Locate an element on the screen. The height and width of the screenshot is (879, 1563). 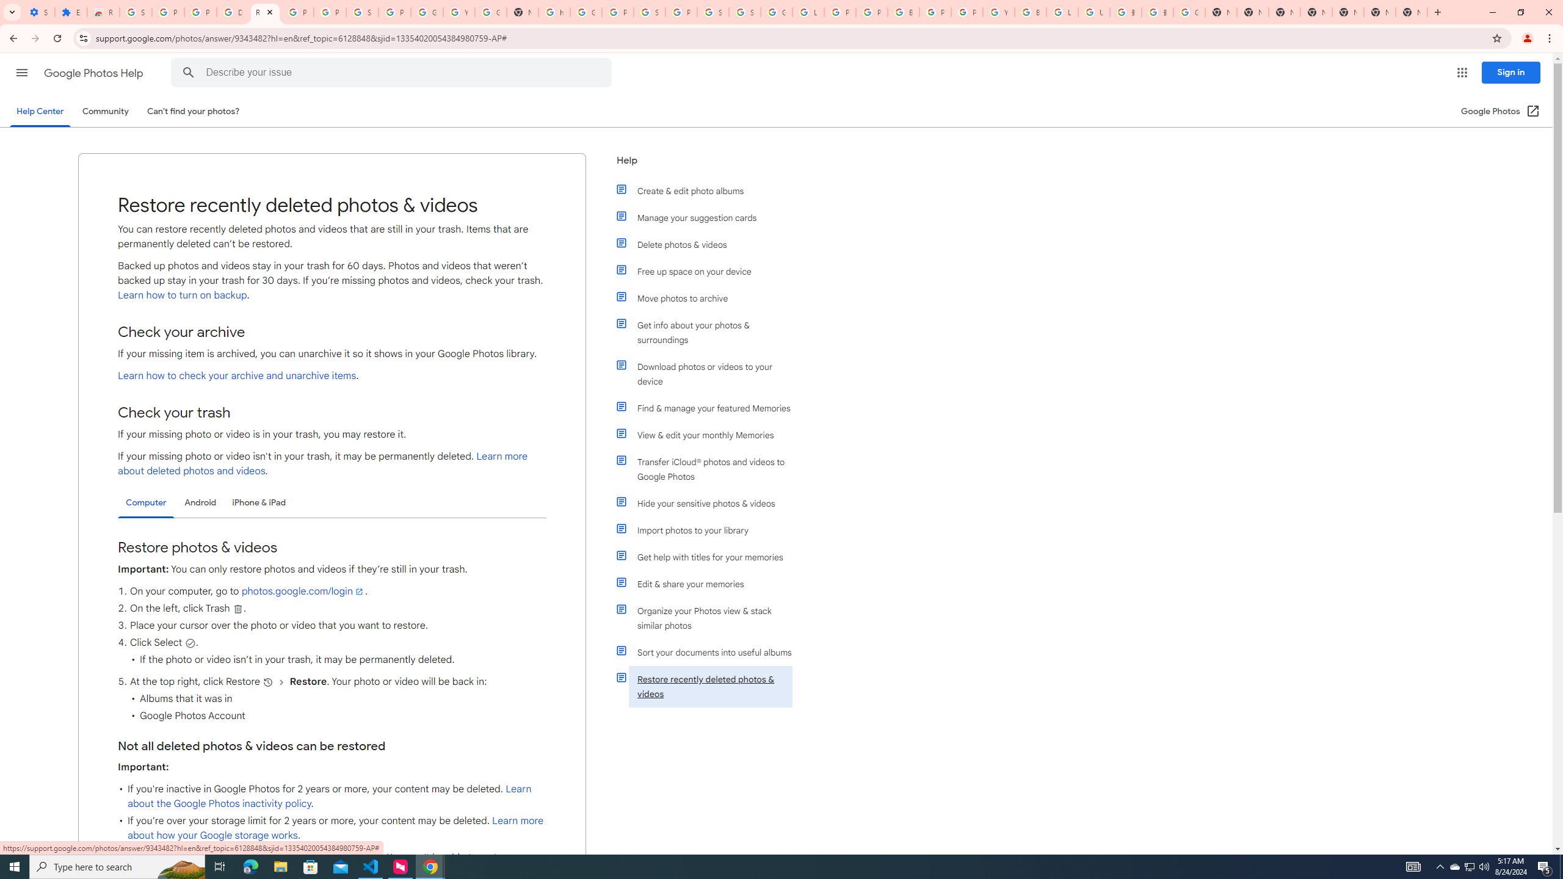
'Organize your Photos view & stack similar photos' is located at coordinates (709, 618).